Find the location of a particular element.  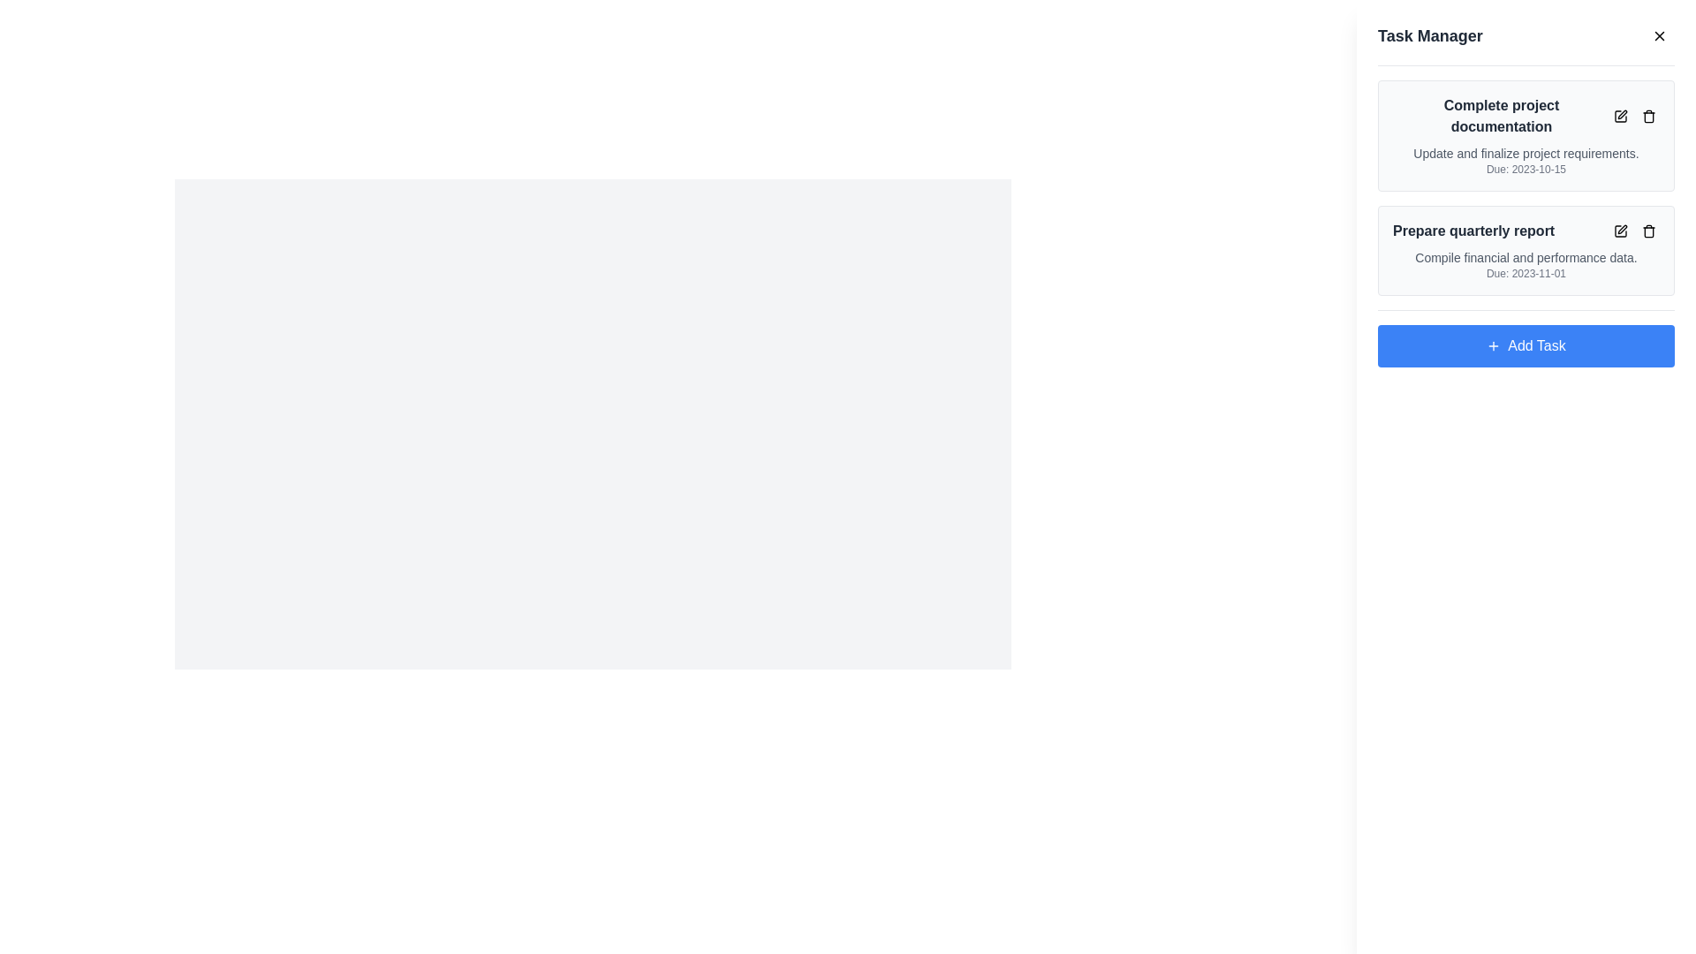

the text label displaying the due date for the task 'Prepare quarterly report', located at the bottom of the card in the Task Manager section is located at coordinates (1526, 273).